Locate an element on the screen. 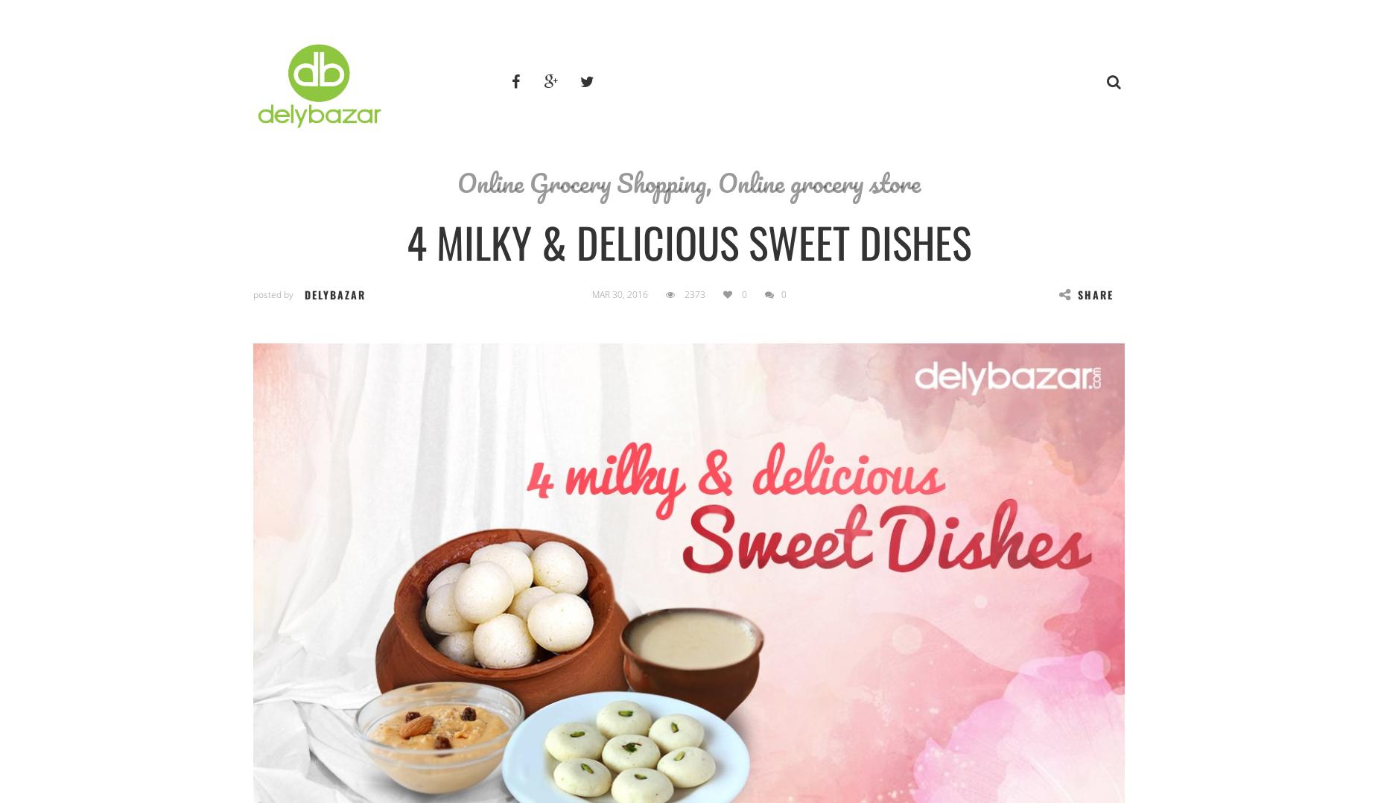 The height and width of the screenshot is (803, 1378). '4 milky & delicious sweet dishes' is located at coordinates (689, 241).